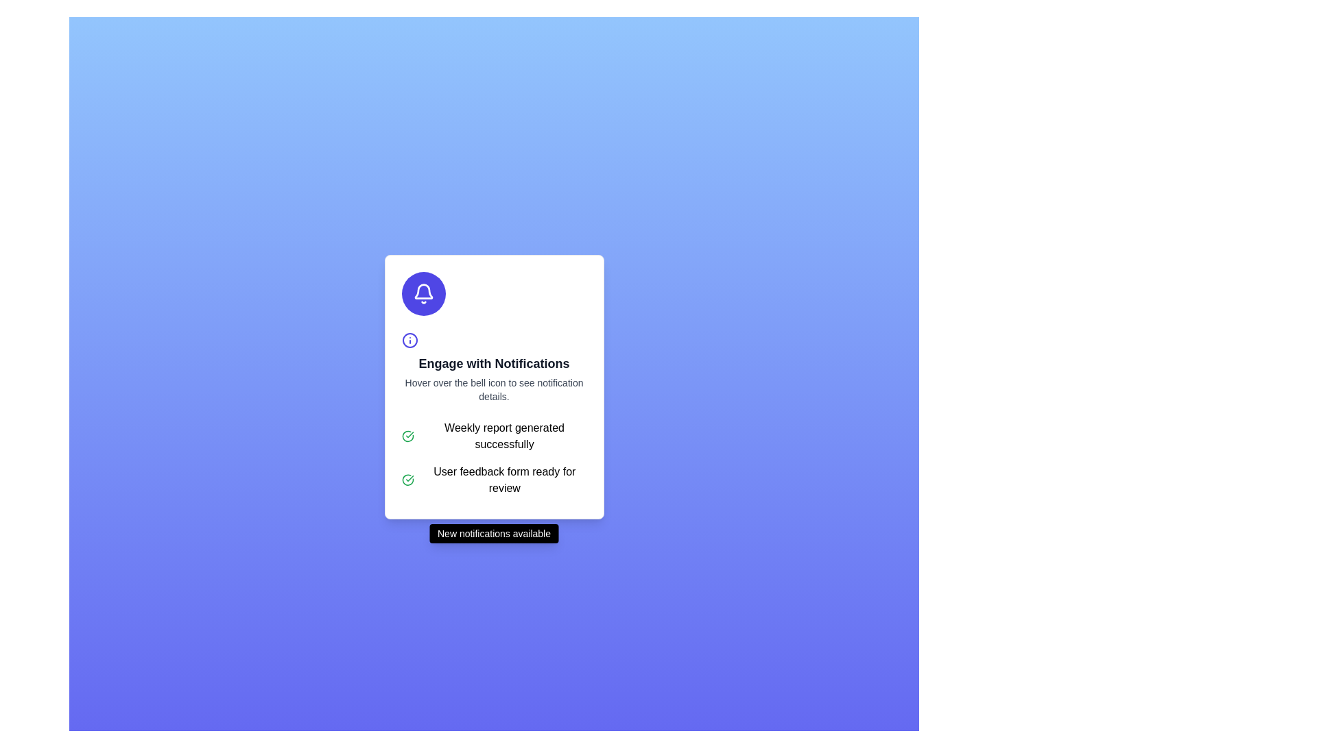  I want to click on the circular graphic icon with a green border that symbolizes a checkmark, located in the notification card next to the text 'Weekly report generated successfully.', so click(407, 480).